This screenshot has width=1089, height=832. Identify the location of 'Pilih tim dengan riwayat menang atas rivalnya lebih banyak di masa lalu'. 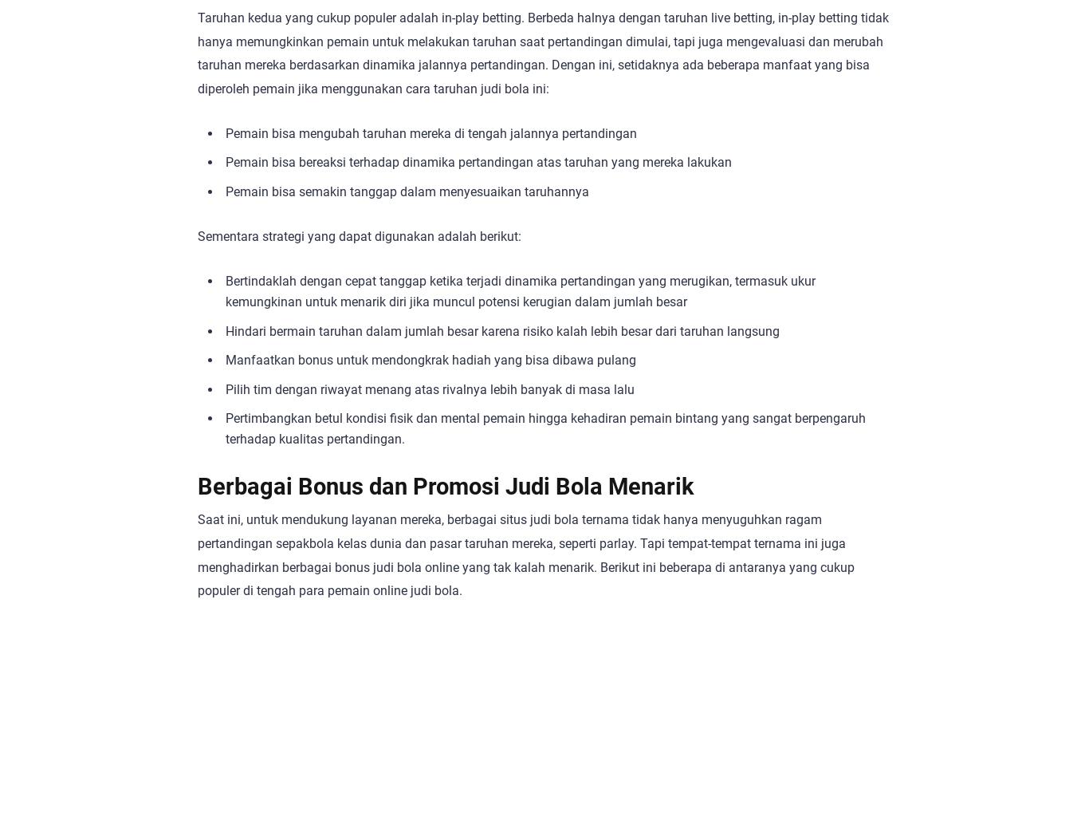
(226, 388).